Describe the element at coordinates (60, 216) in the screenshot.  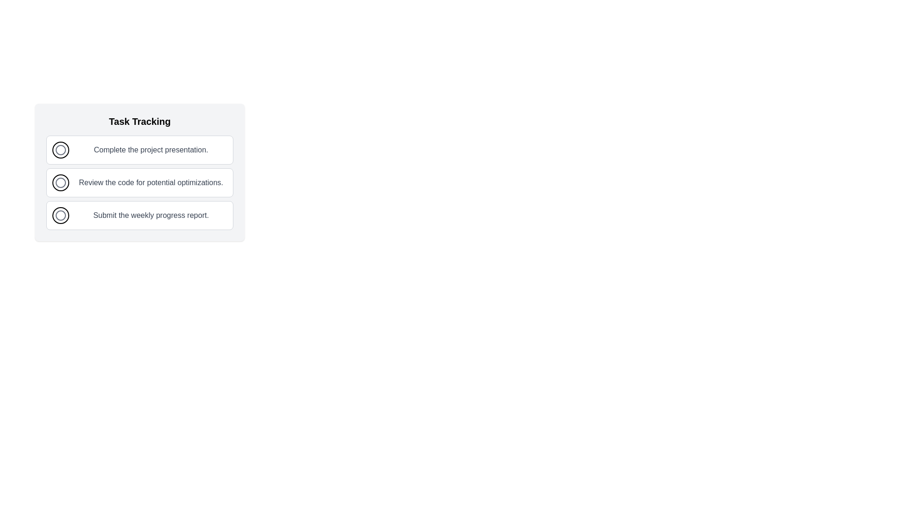
I see `the Graphical Indicator in the 'Task Tracking' interface that indicates the status of the task associated with 'Submit the weekly progress report.'` at that location.